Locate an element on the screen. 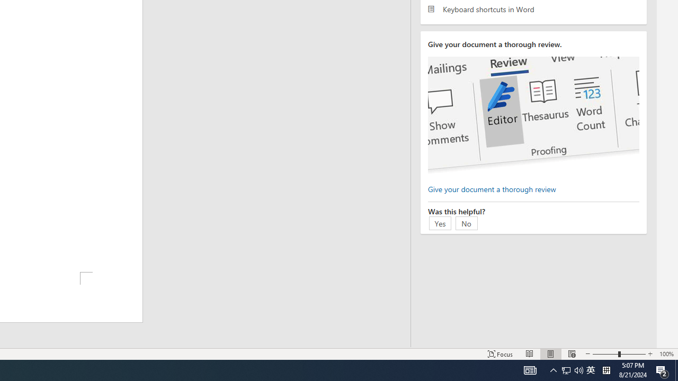  'Yes' is located at coordinates (440, 222).